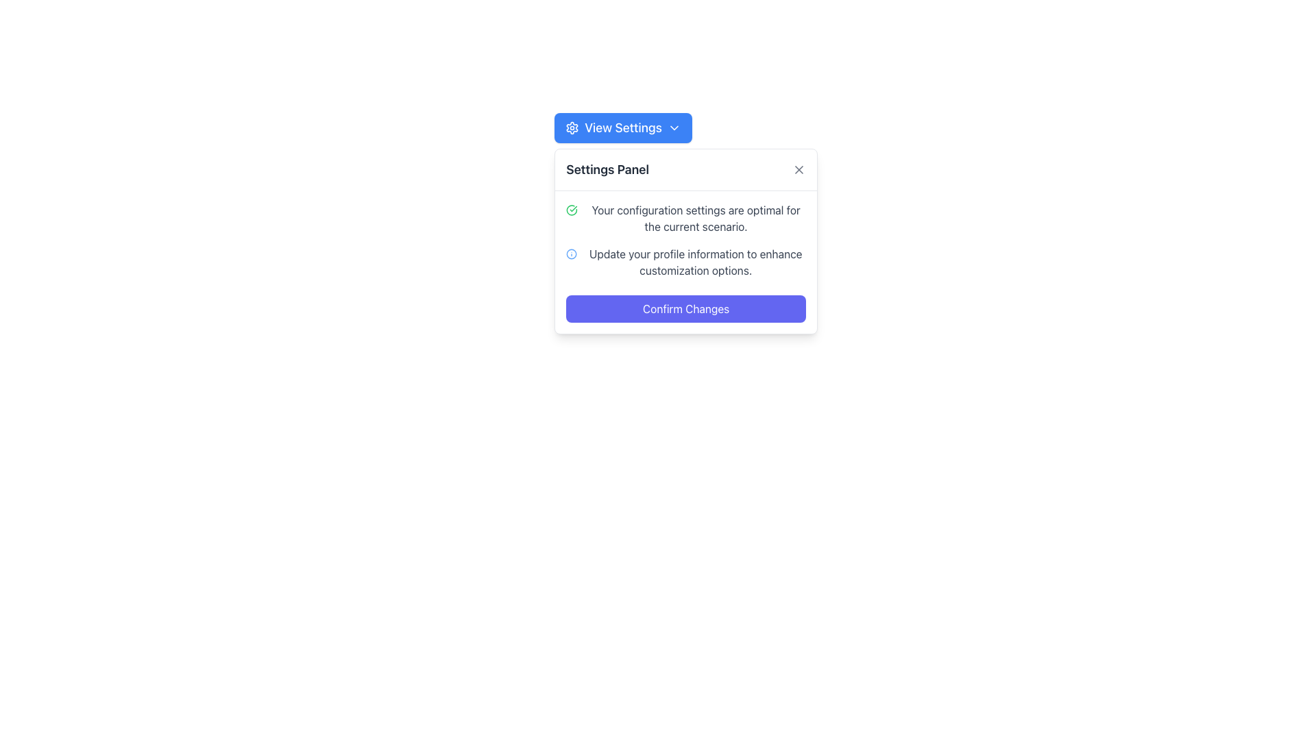  What do you see at coordinates (572, 254) in the screenshot?
I see `the outermost circular decorative graphical element of the 'info' icon, which is styled in blue and located in the bottom-left area of the icon` at bounding box center [572, 254].